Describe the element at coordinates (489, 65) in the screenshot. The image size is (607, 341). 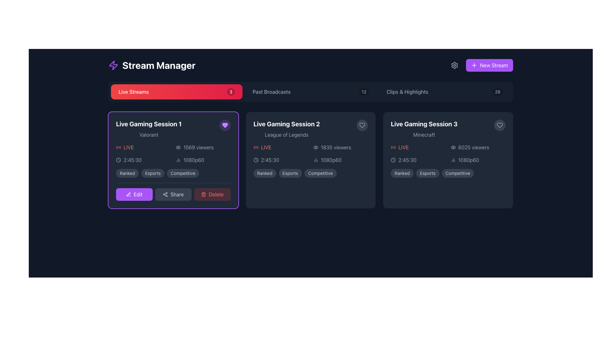
I see `the button located in the top-right corner of the interface that initiates the process of creating a new stream, which will provide visual feedback indicating interactivity` at that location.